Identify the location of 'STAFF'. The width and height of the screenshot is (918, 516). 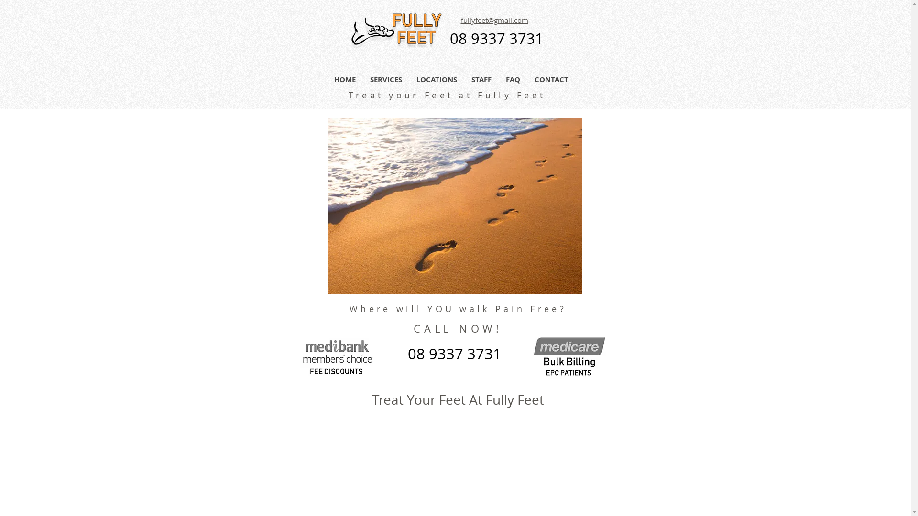
(481, 79).